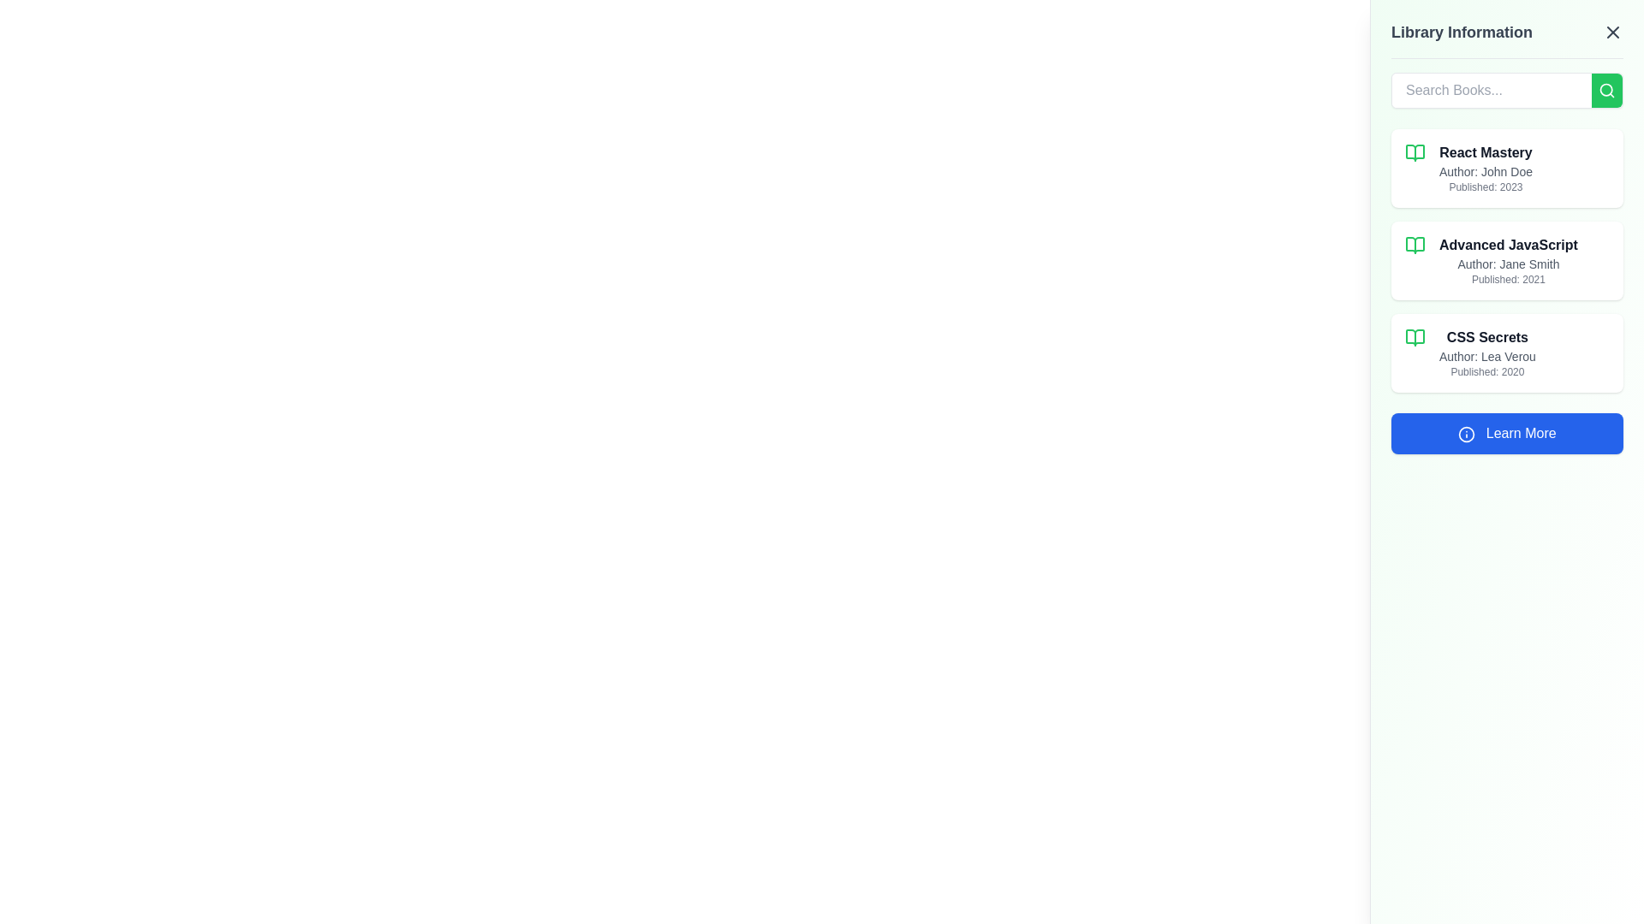  What do you see at coordinates (1485, 171) in the screenshot?
I see `the text label displaying the author's name for the book 'React Mastery', which is positioned between the title and publication date in the list panel` at bounding box center [1485, 171].